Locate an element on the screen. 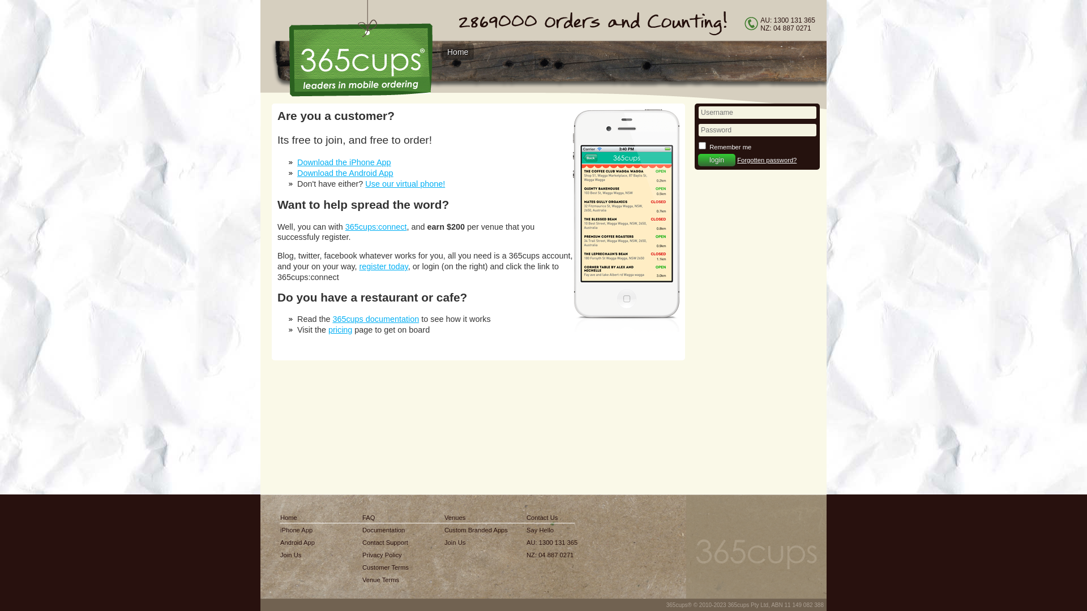  'register today' is located at coordinates (383, 266).